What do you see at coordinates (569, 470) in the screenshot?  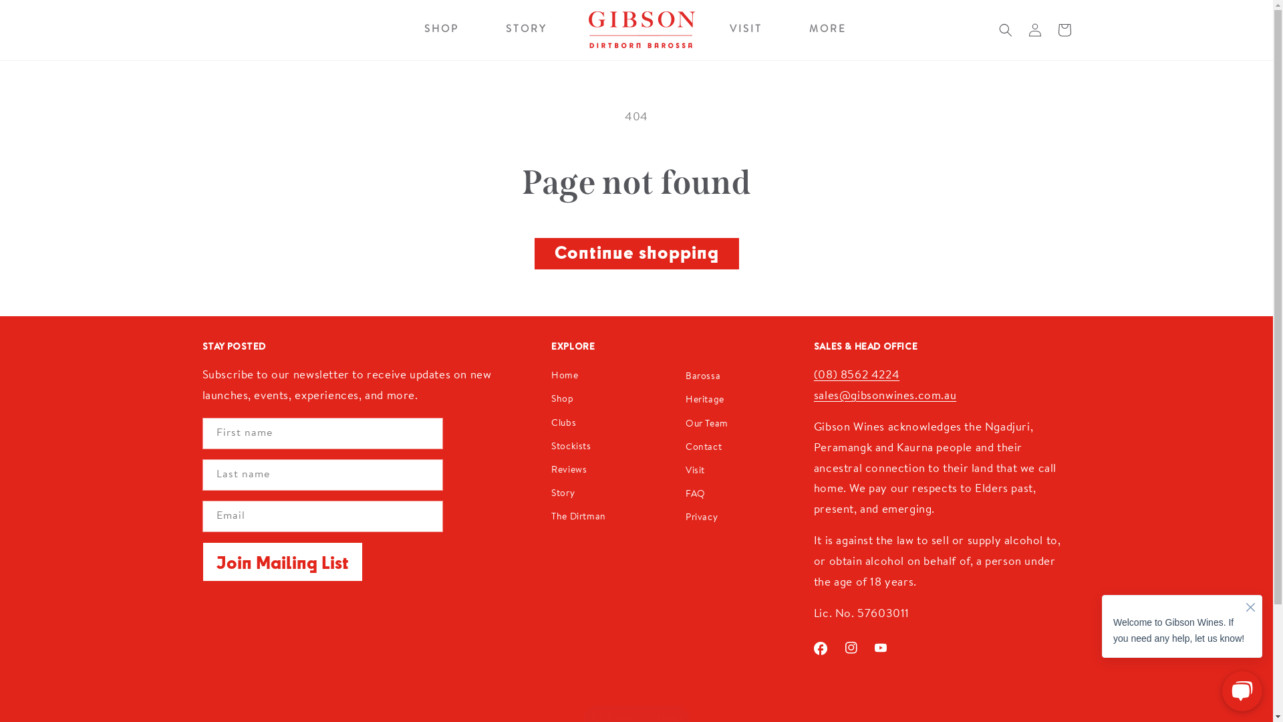 I see `'Reviews'` at bounding box center [569, 470].